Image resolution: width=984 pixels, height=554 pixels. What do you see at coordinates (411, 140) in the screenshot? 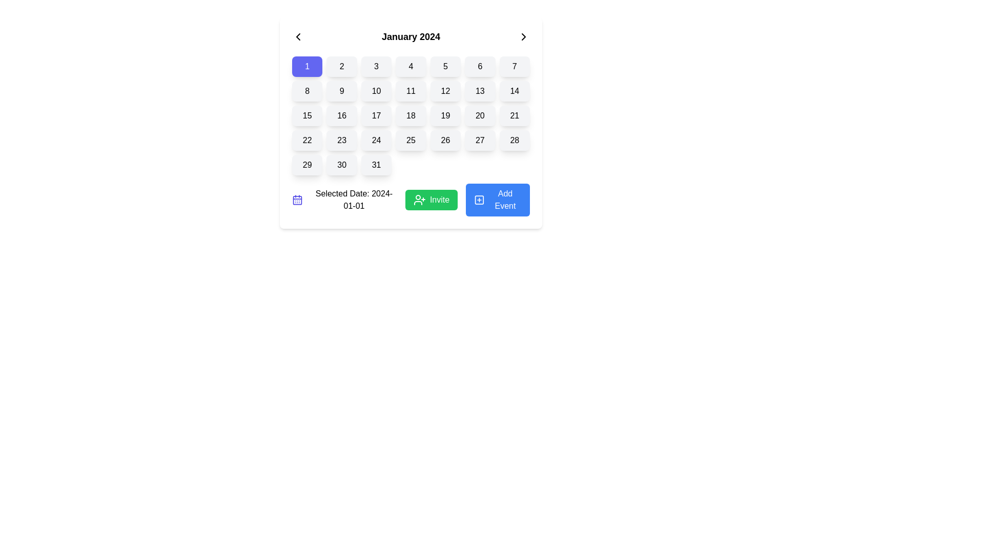
I see `the selectable day button representing the 25th day in the calendar grid layout, located in the fourth row and fourth column` at bounding box center [411, 140].